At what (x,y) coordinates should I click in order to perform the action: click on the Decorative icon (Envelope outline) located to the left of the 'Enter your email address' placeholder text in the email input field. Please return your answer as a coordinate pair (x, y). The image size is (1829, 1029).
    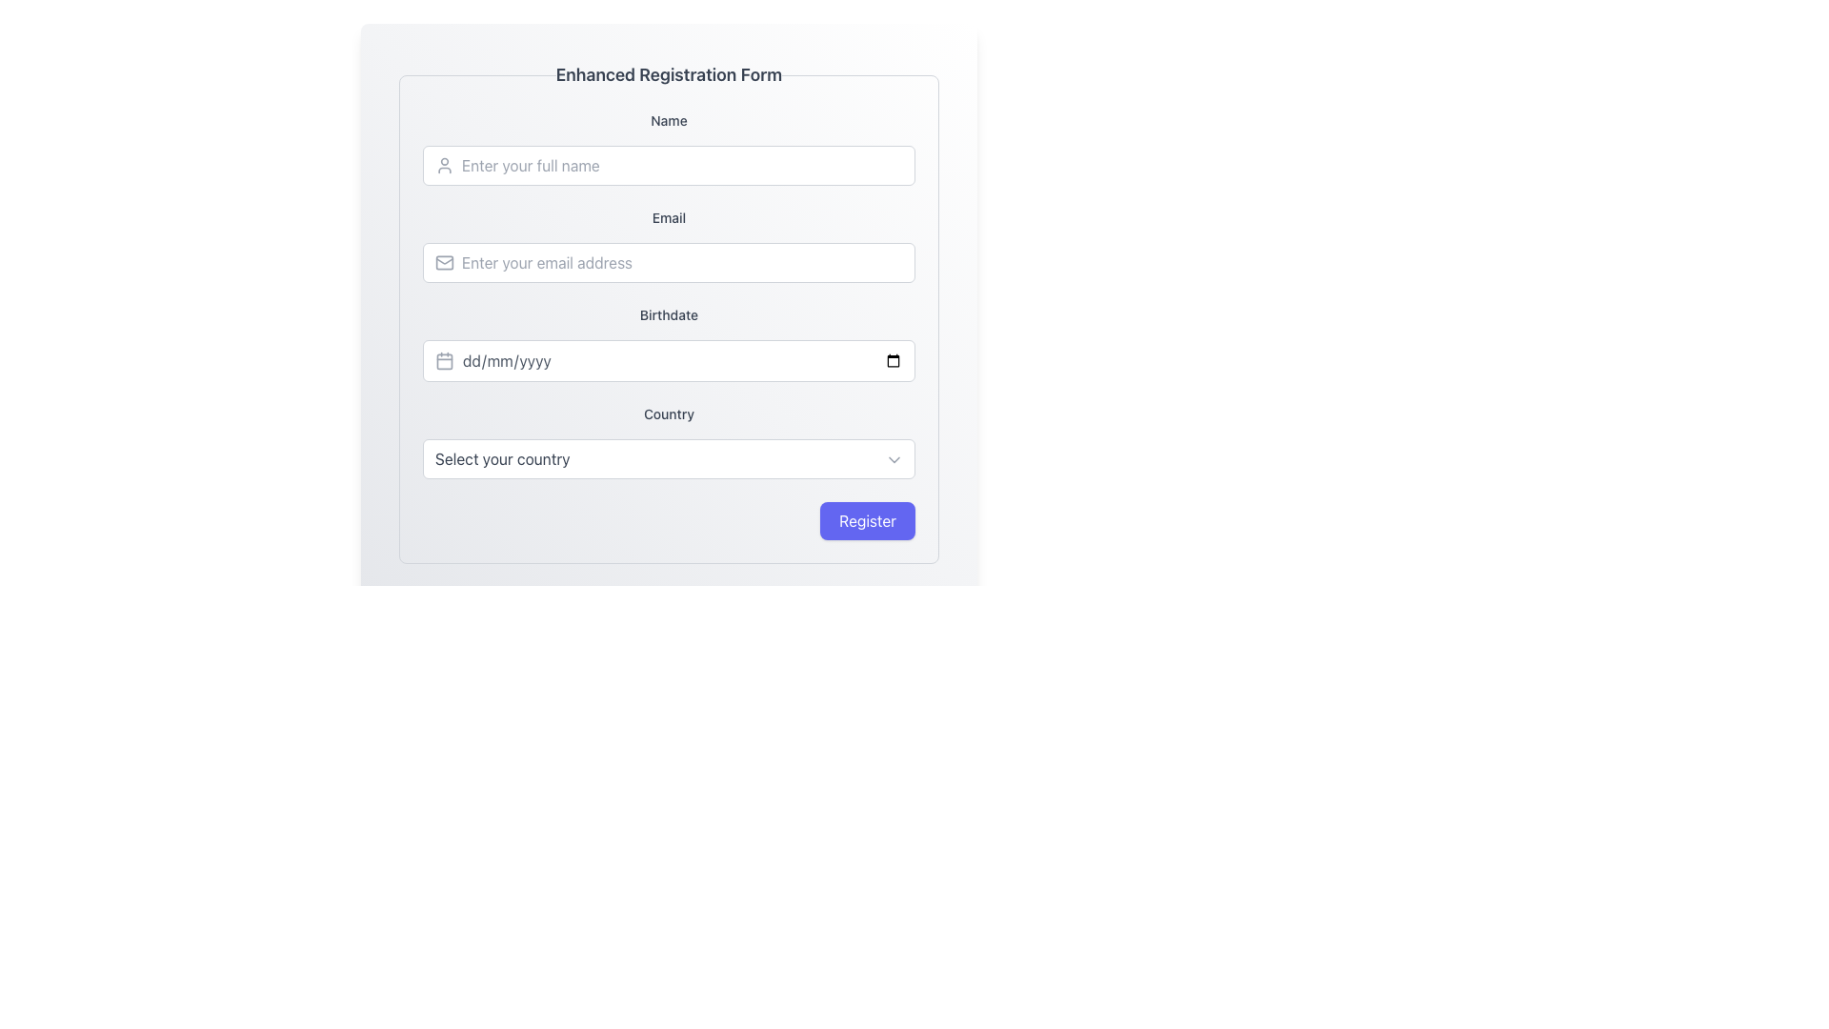
    Looking at the image, I should click on (443, 263).